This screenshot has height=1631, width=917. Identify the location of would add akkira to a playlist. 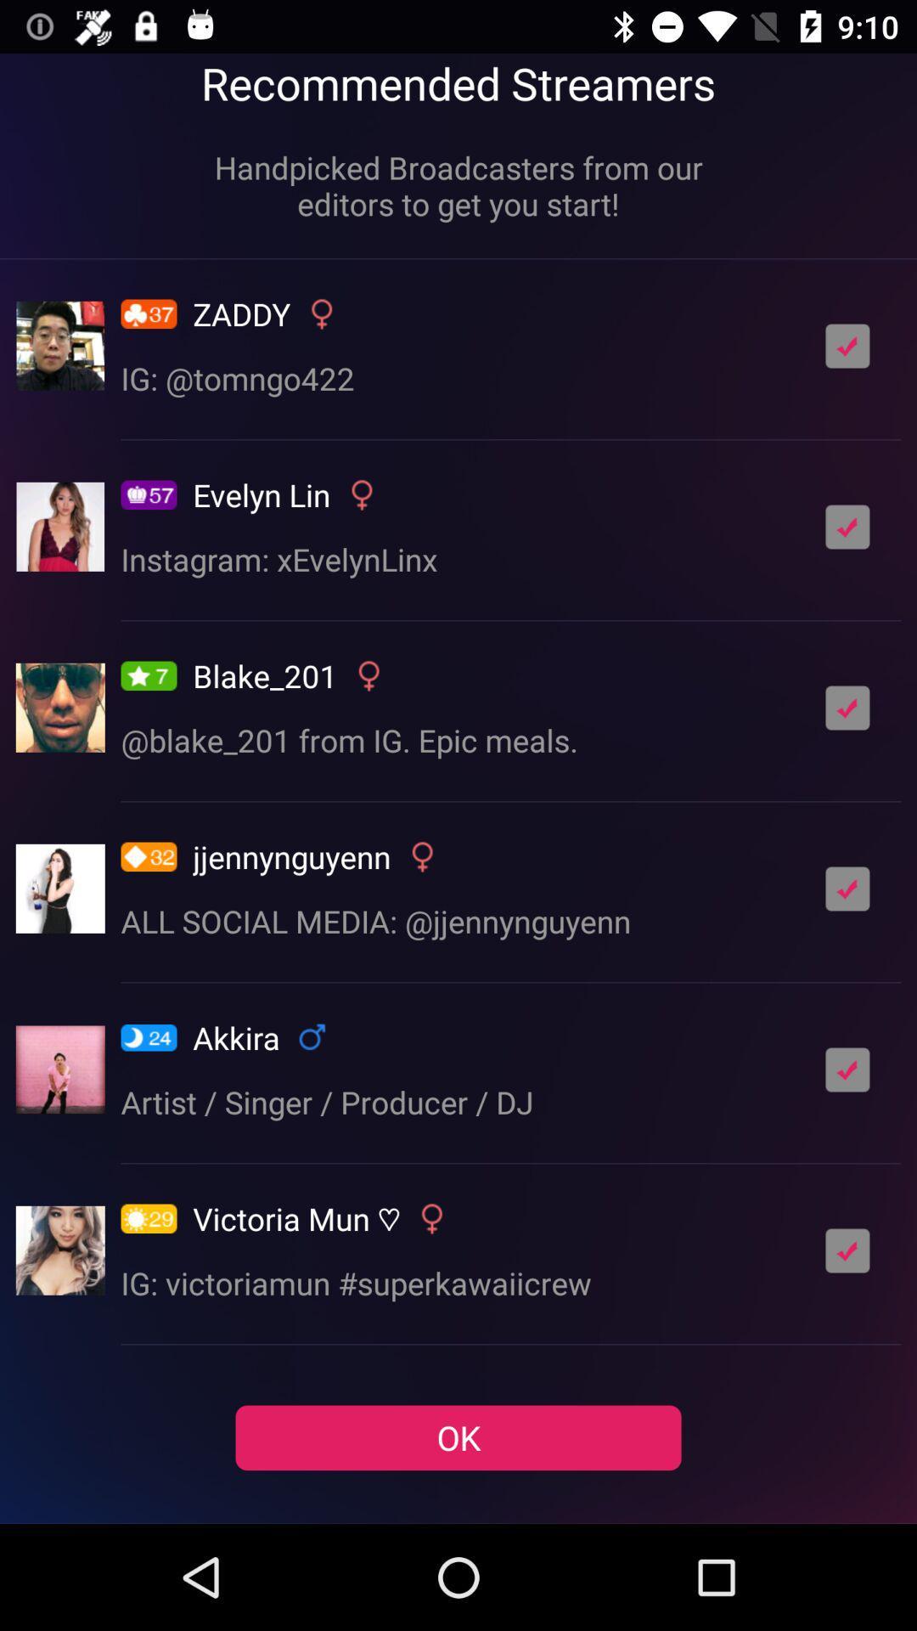
(847, 1069).